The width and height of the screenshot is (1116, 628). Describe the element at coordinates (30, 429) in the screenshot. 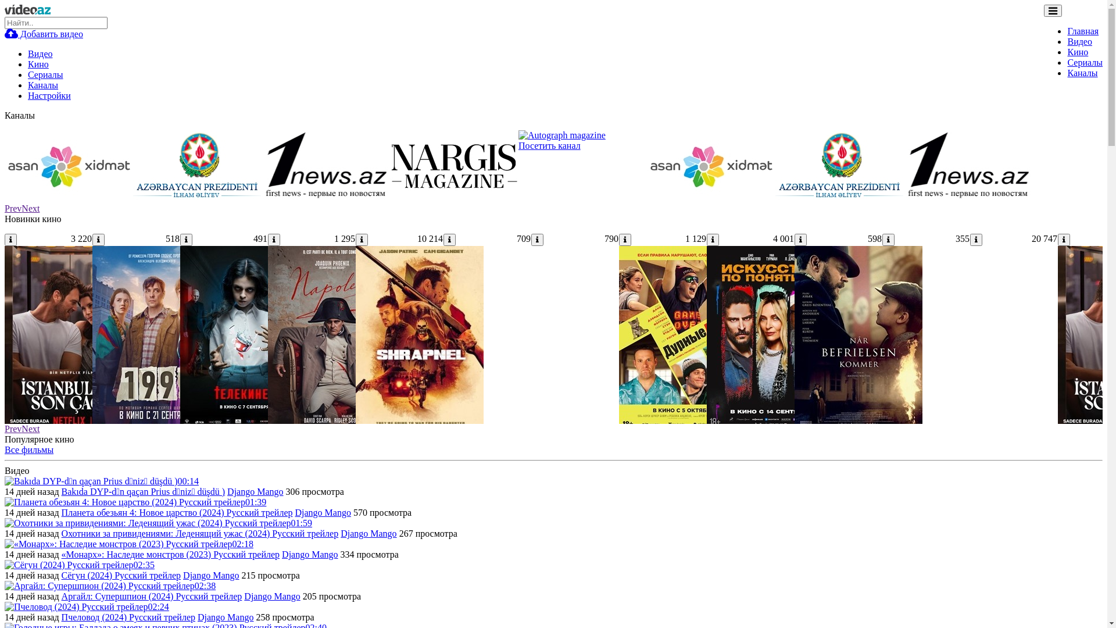

I see `'Next'` at that location.